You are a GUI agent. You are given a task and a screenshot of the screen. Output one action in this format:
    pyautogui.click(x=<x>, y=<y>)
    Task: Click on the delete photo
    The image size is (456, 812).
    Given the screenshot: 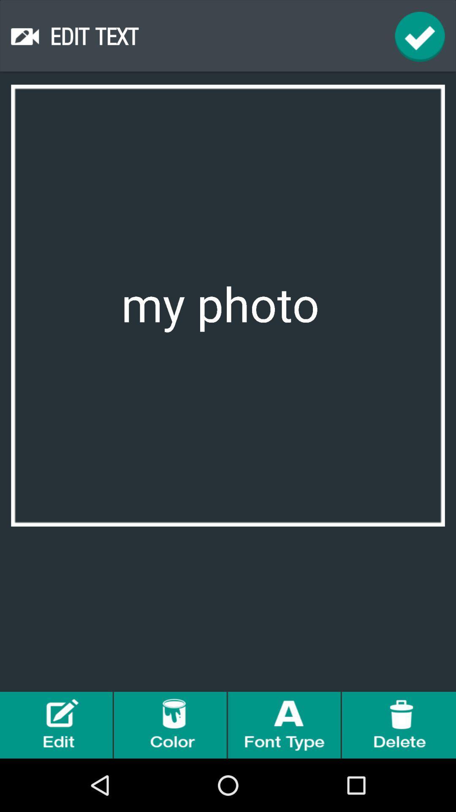 What is the action you would take?
    pyautogui.click(x=399, y=724)
    